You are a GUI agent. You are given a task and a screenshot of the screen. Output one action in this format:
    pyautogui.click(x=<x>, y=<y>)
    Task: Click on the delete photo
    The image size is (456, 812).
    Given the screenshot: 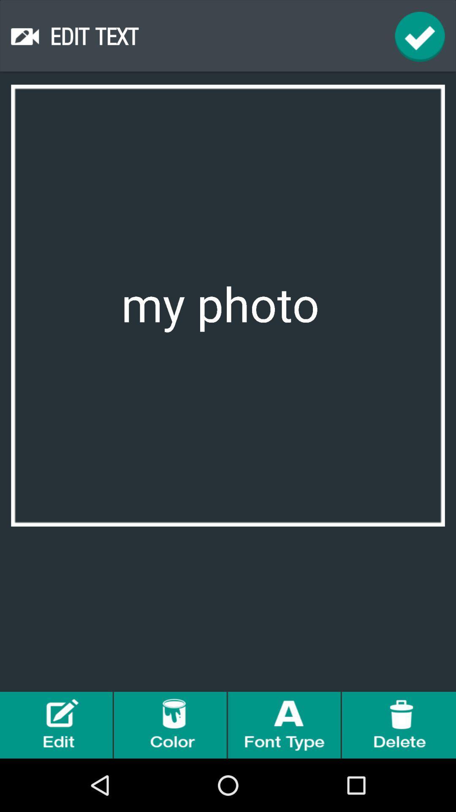 What is the action you would take?
    pyautogui.click(x=399, y=724)
    